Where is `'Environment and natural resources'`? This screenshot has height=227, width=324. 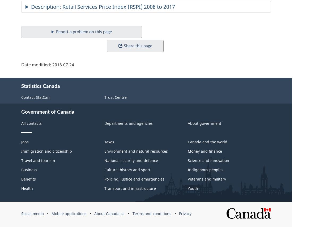
'Environment and natural resources' is located at coordinates (136, 151).